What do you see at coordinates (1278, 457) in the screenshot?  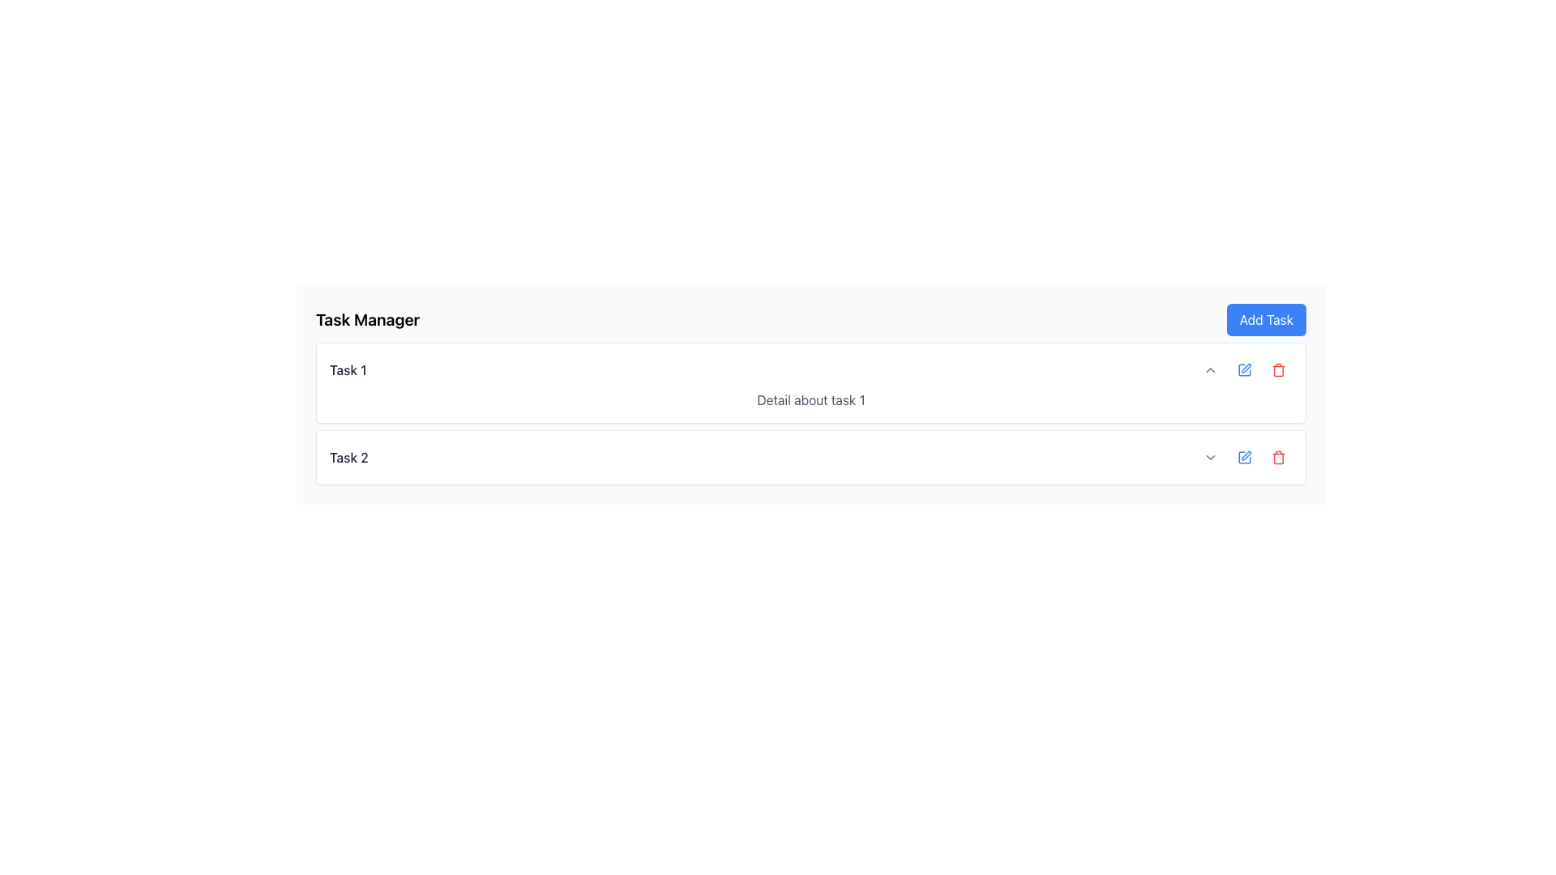 I see `the red trash can icon button, which is located to the right of the second task entry in the task list` at bounding box center [1278, 457].